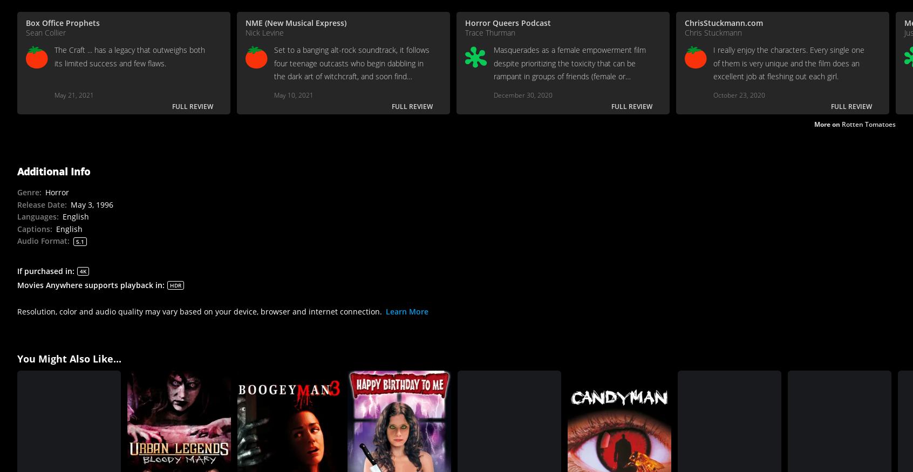  Describe the element at coordinates (40, 203) in the screenshot. I see `'Release Date'` at that location.